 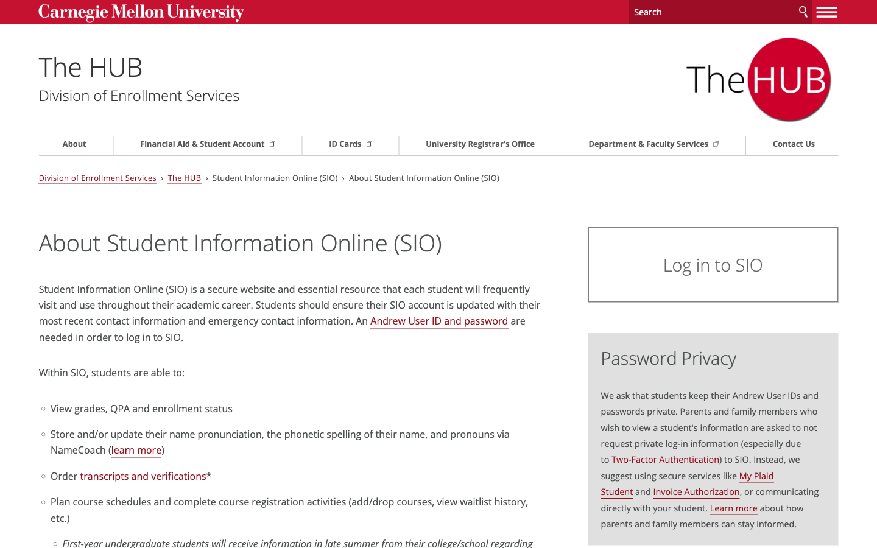 What do you see at coordinates (222, 143) in the screenshot?
I see `the Student Financial Support Page` at bounding box center [222, 143].